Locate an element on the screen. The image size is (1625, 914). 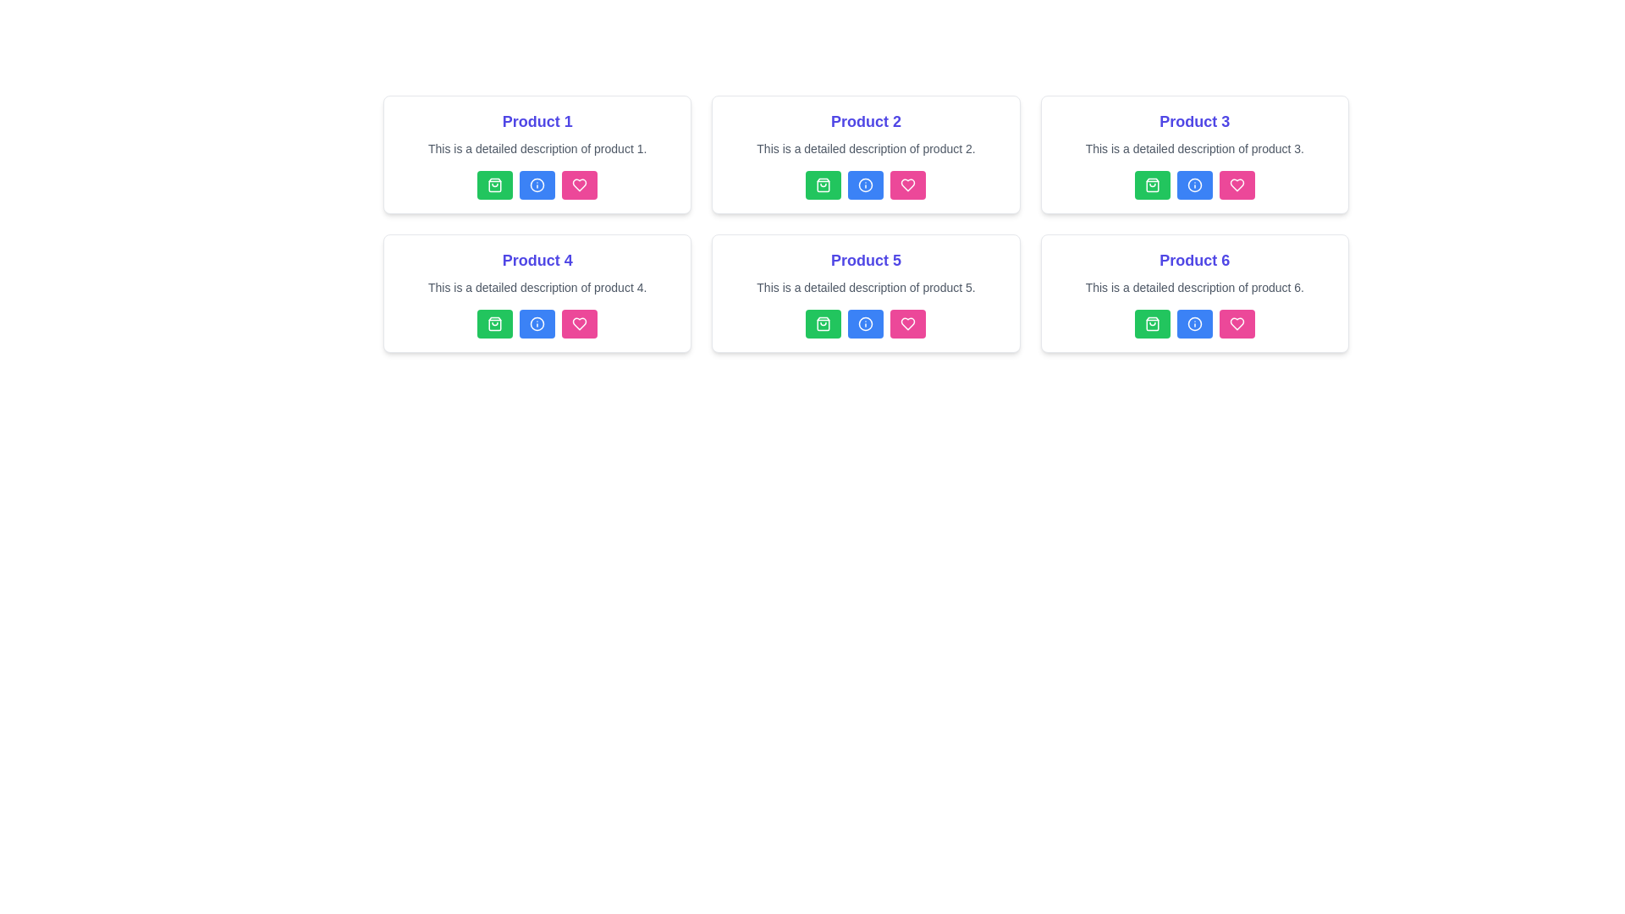
the blue information button with rounded edges located is located at coordinates (866, 323).